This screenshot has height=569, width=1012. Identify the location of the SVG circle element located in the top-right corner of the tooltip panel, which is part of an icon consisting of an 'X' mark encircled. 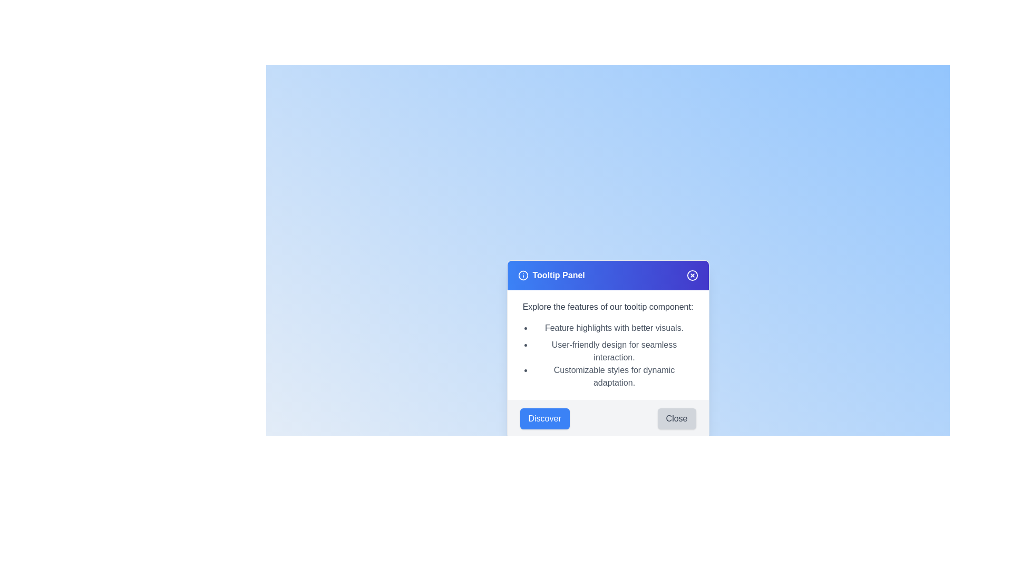
(692, 275).